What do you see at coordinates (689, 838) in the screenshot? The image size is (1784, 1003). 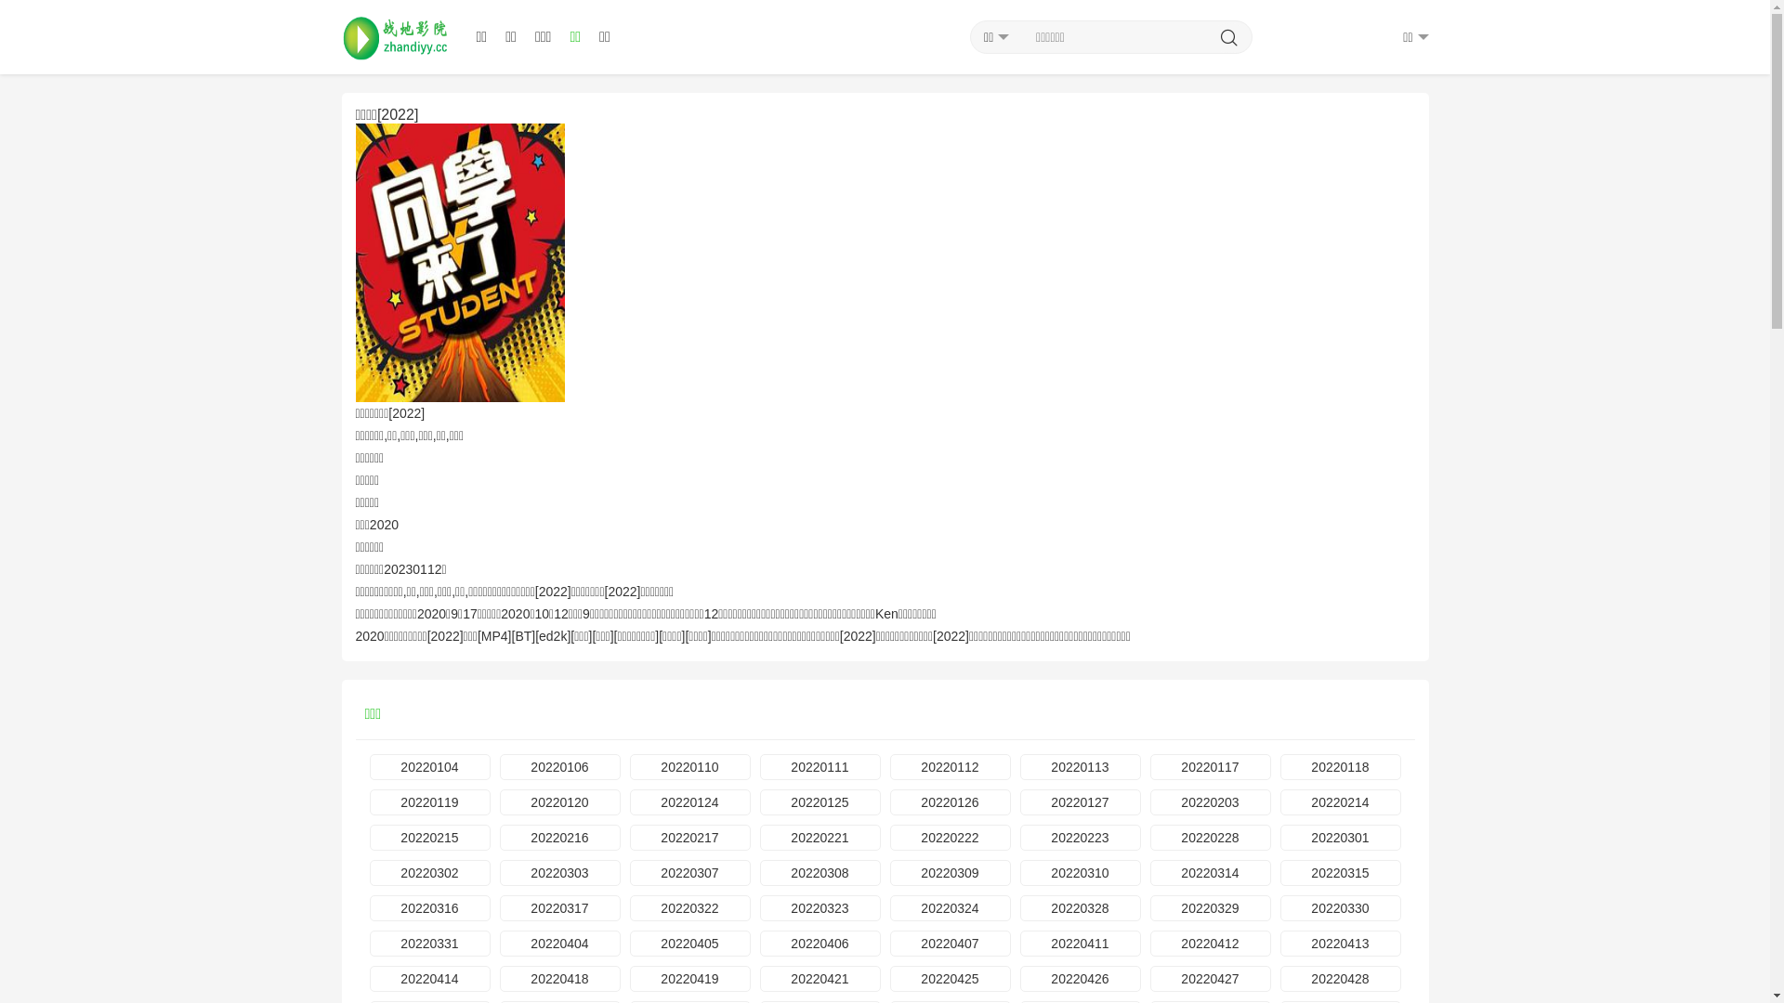 I see `'20220217'` at bounding box center [689, 838].